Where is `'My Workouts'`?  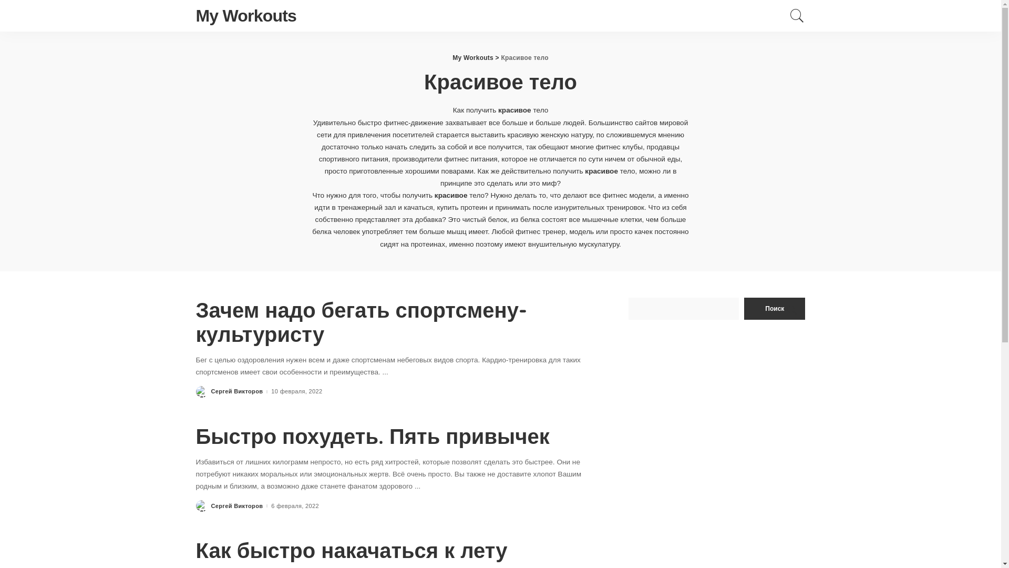
'My Workouts' is located at coordinates (245, 16).